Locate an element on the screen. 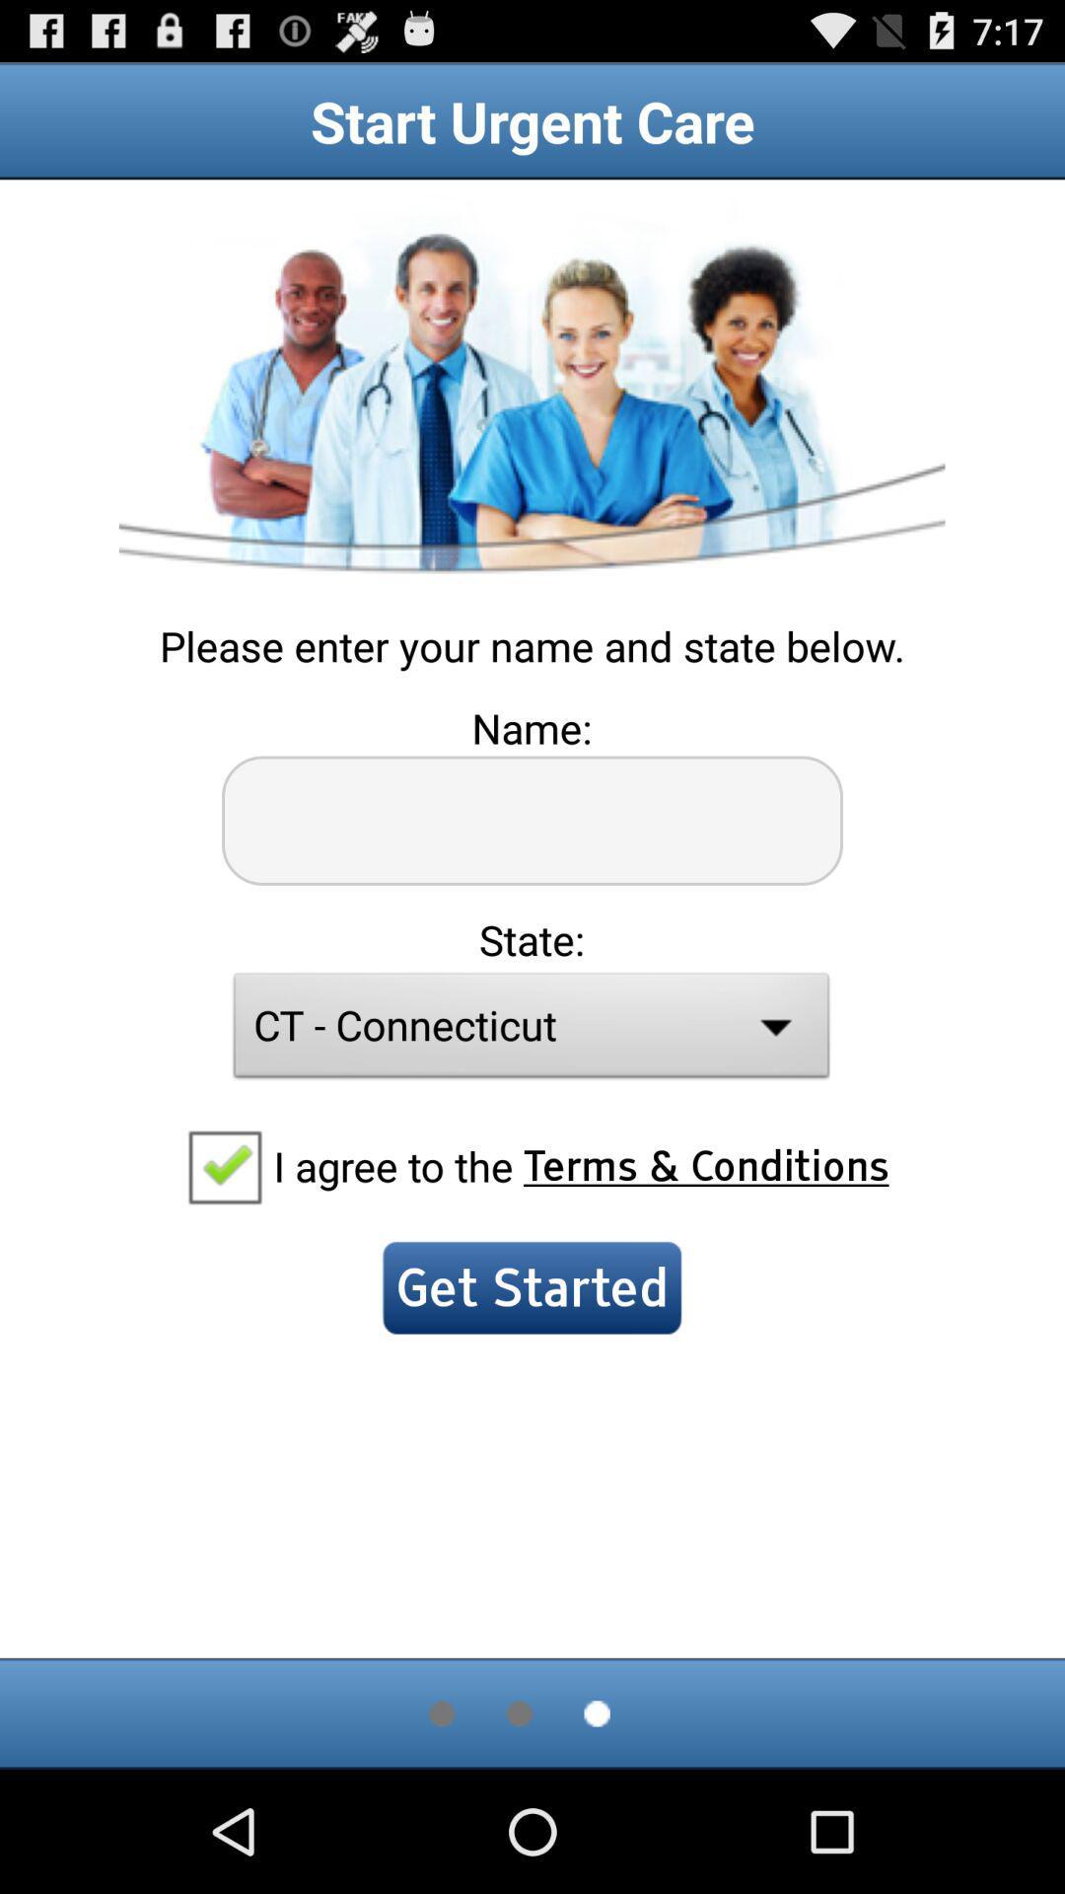 The width and height of the screenshot is (1065, 1894). tick the column is located at coordinates (223, 1165).